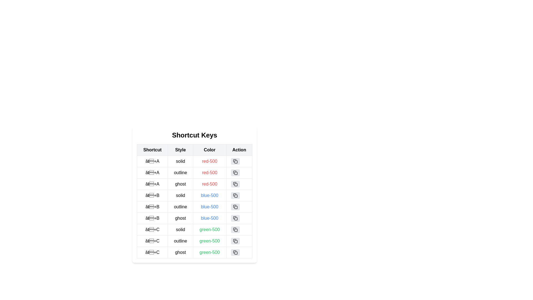  What do you see at coordinates (239, 241) in the screenshot?
I see `the interactive copy button located in the 'Action' column of the table, which is styled with an outline and colored green-500` at bounding box center [239, 241].